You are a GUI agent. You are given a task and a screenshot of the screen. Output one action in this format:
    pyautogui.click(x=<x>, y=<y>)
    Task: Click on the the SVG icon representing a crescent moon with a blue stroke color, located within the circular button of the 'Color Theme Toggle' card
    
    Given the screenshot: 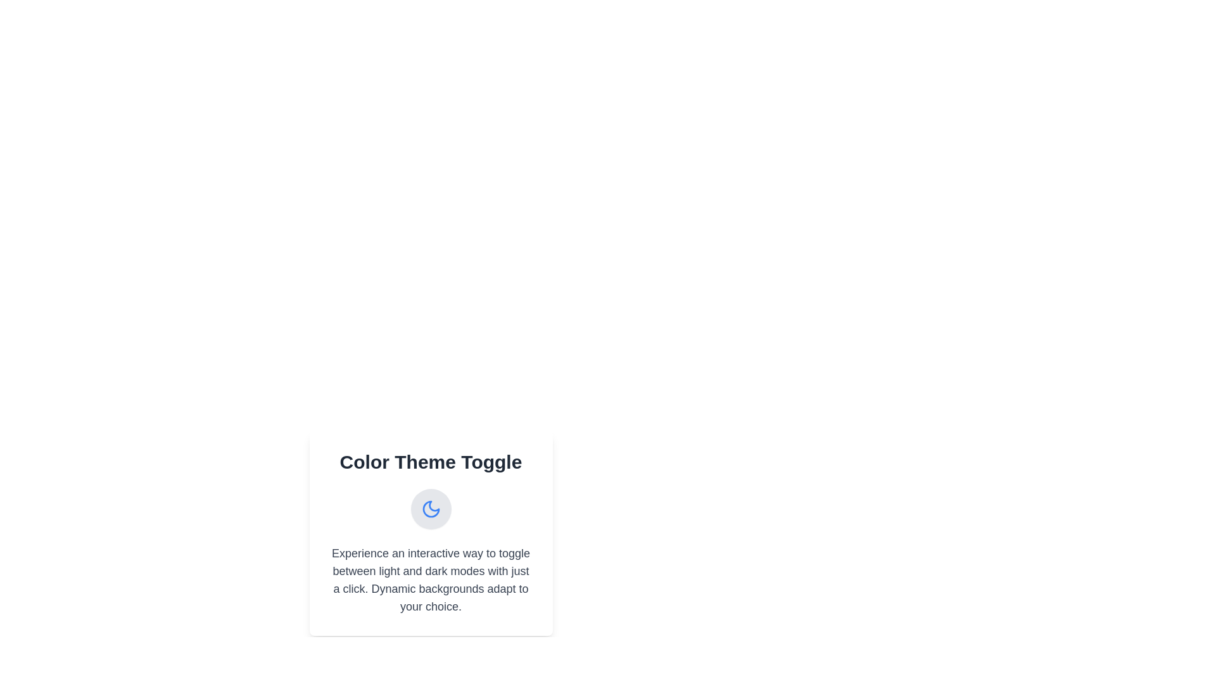 What is the action you would take?
    pyautogui.click(x=431, y=508)
    